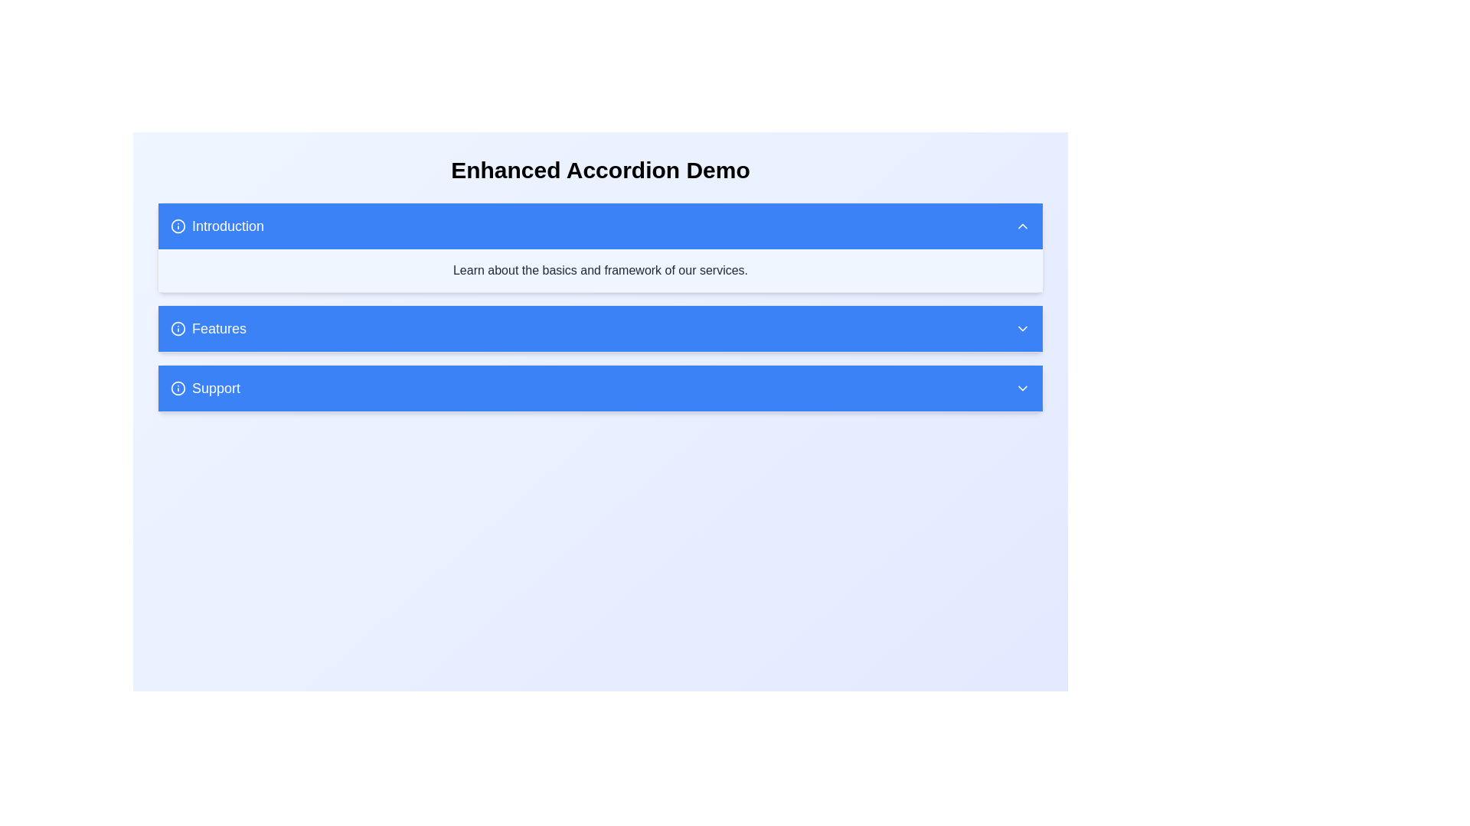 Image resolution: width=1470 pixels, height=826 pixels. I want to click on the Text Header at the top of the interface, which serves as a title for the page or section related to 'Enhanced Accordion Demo', so click(599, 171).